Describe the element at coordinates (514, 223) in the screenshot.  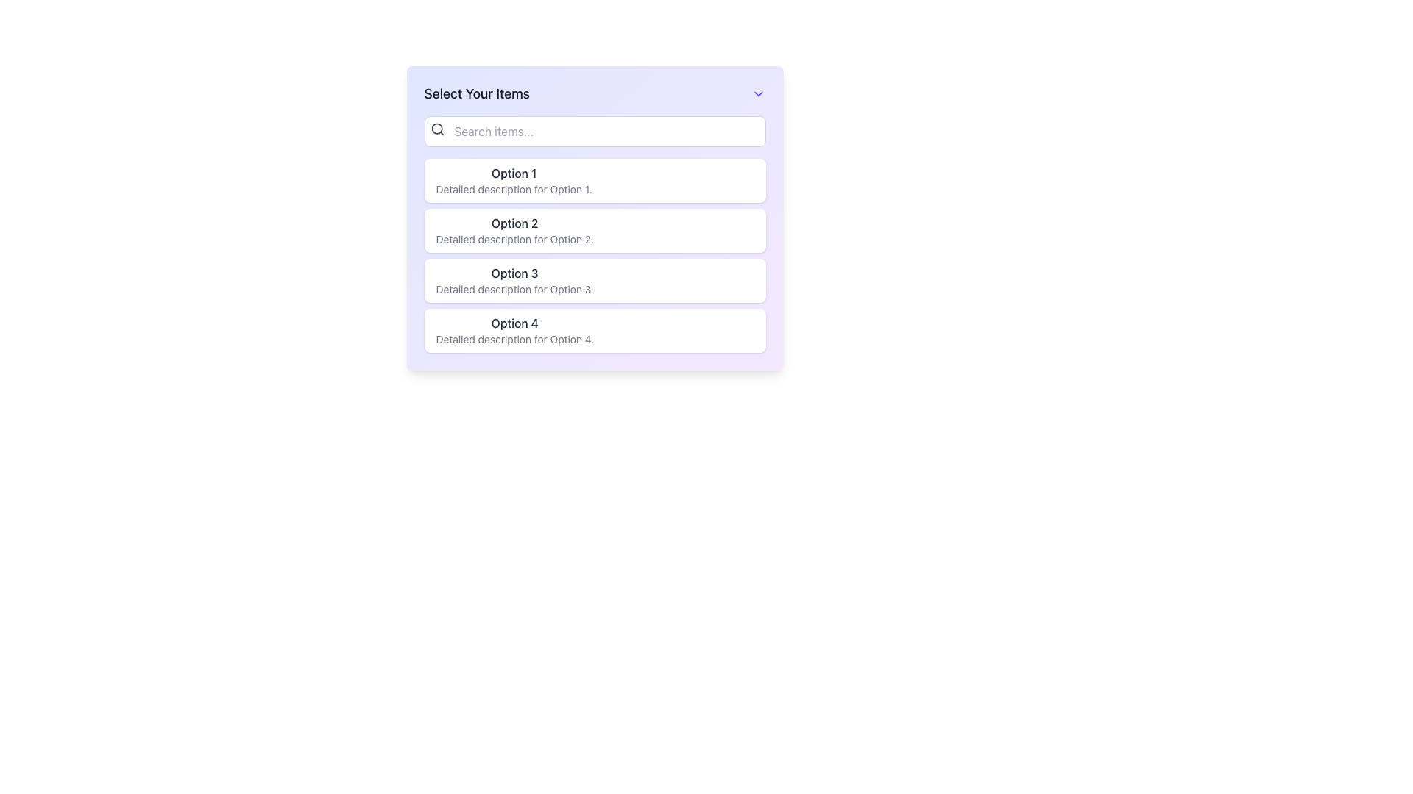
I see `text from the Text Label displaying 'Option 2', which is styled with medium font weight and gray color, indicating its importance as part of a group of options` at that location.